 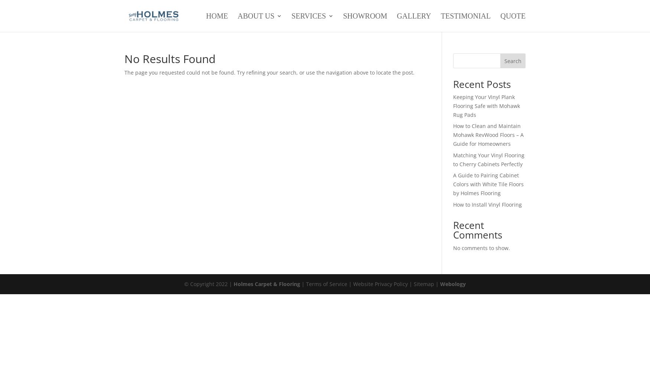 What do you see at coordinates (267, 283) in the screenshot?
I see `'Holmes Carpet & Flooring'` at bounding box center [267, 283].